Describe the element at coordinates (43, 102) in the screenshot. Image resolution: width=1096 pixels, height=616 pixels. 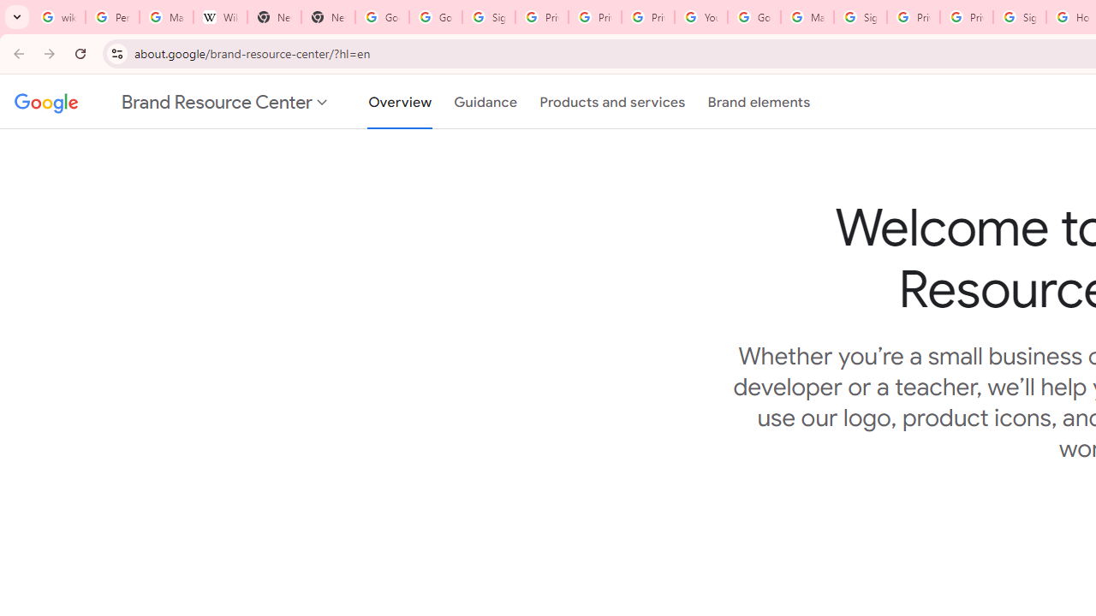
I see `'Google'` at that location.